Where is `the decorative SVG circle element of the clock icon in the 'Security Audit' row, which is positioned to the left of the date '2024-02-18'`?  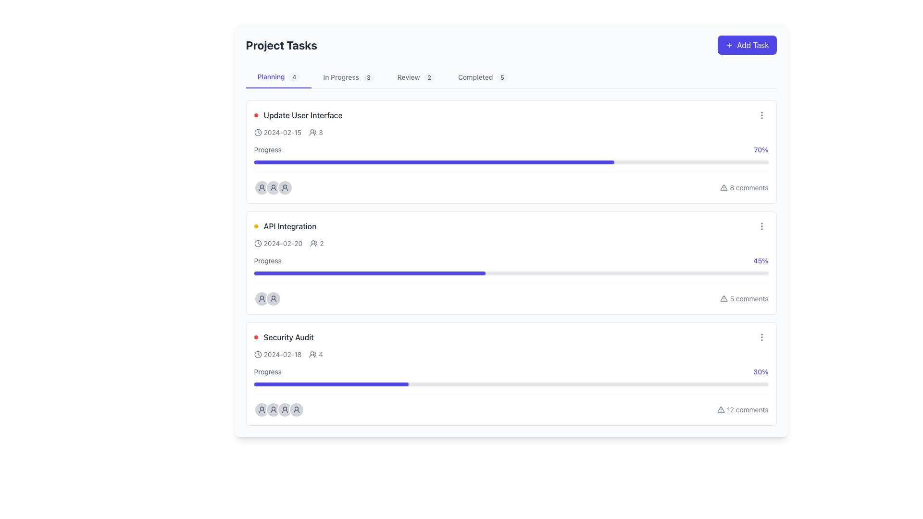 the decorative SVG circle element of the clock icon in the 'Security Audit' row, which is positioned to the left of the date '2024-02-18' is located at coordinates (258, 354).